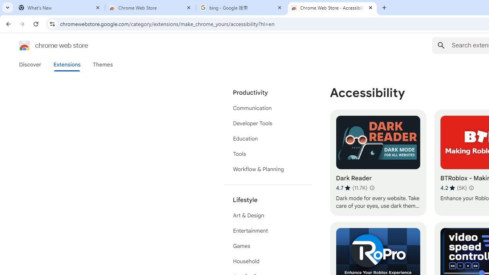 This screenshot has width=489, height=275. What do you see at coordinates (267, 261) in the screenshot?
I see `'Household'` at bounding box center [267, 261].